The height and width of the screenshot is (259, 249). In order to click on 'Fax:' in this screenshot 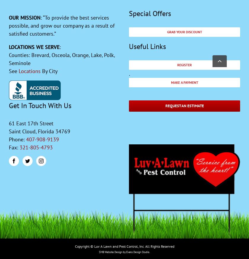, I will do `click(14, 147)`.